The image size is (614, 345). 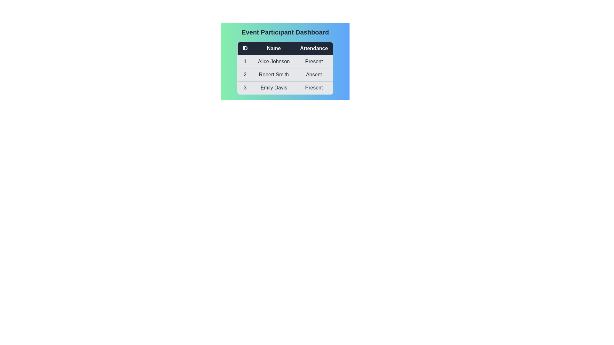 What do you see at coordinates (314, 74) in the screenshot?
I see `the attendance status indicator text label that shows 'Absent' for the individual in the second row of the table, specifically located in the third column under the 'Attendance' header` at bounding box center [314, 74].